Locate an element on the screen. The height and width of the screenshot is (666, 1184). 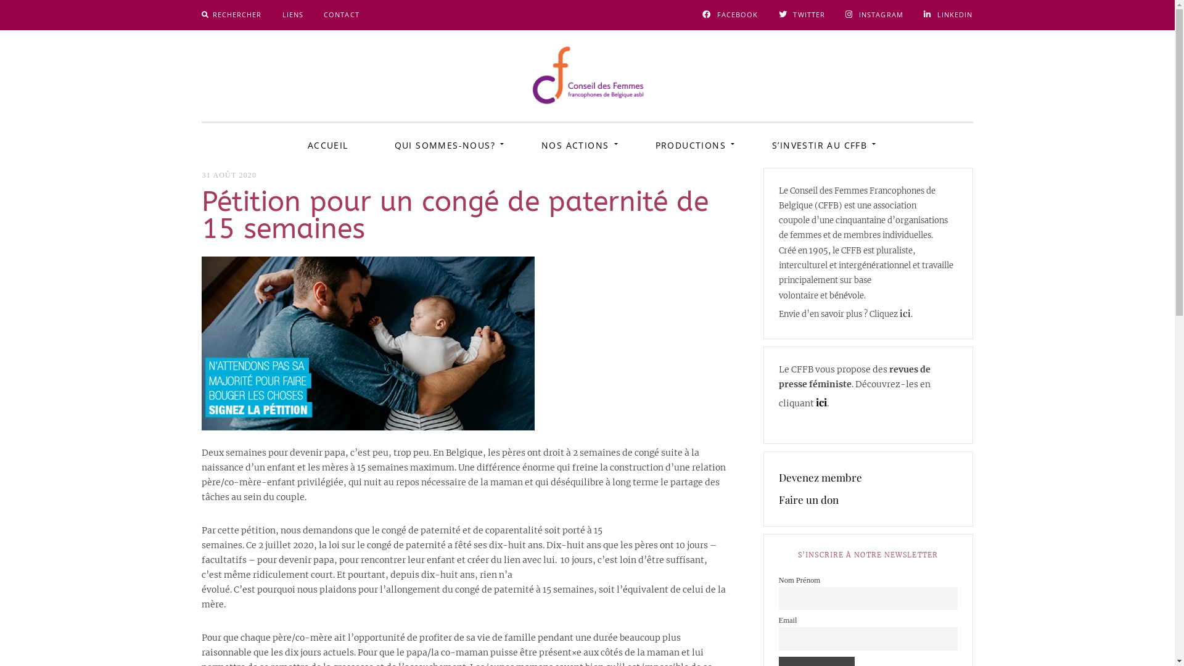
'LIENS' is located at coordinates (272, 15).